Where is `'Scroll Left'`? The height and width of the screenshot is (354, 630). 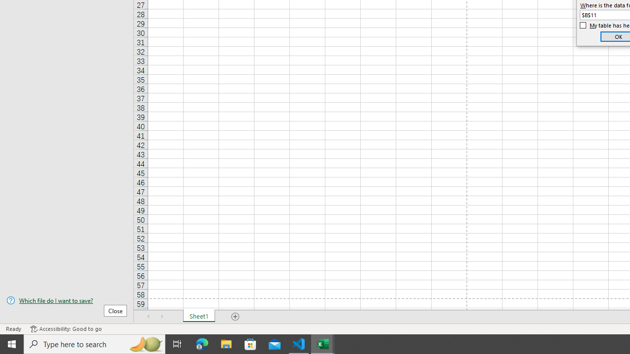
'Scroll Left' is located at coordinates (148, 317).